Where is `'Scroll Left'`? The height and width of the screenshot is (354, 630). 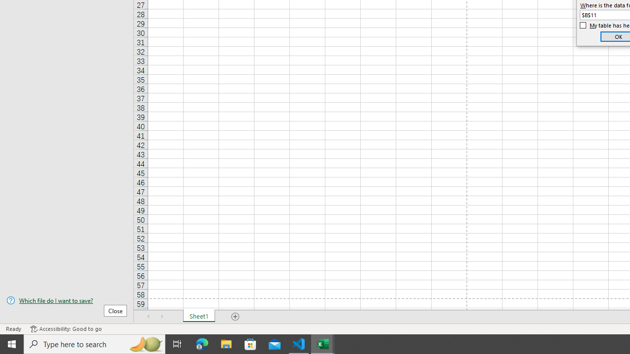
'Scroll Left' is located at coordinates (148, 317).